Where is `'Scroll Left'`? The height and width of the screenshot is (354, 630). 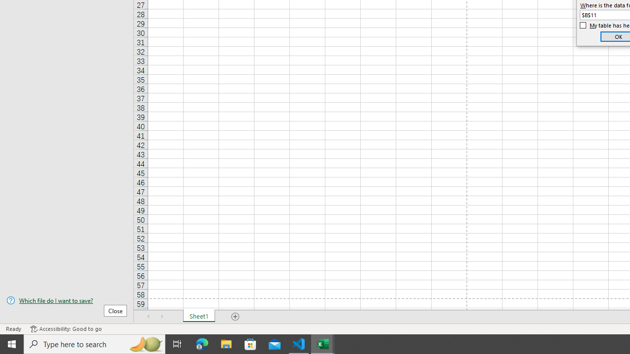
'Scroll Left' is located at coordinates (148, 317).